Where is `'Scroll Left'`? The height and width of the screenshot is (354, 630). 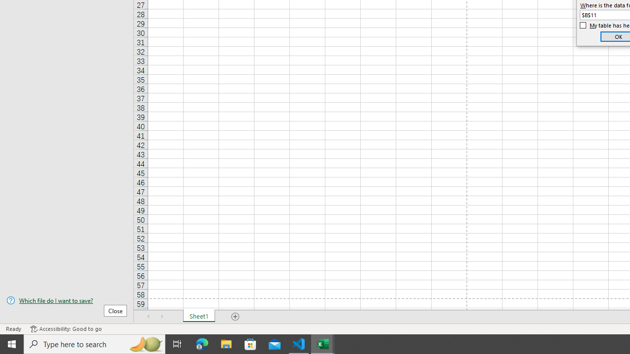
'Scroll Left' is located at coordinates (148, 317).